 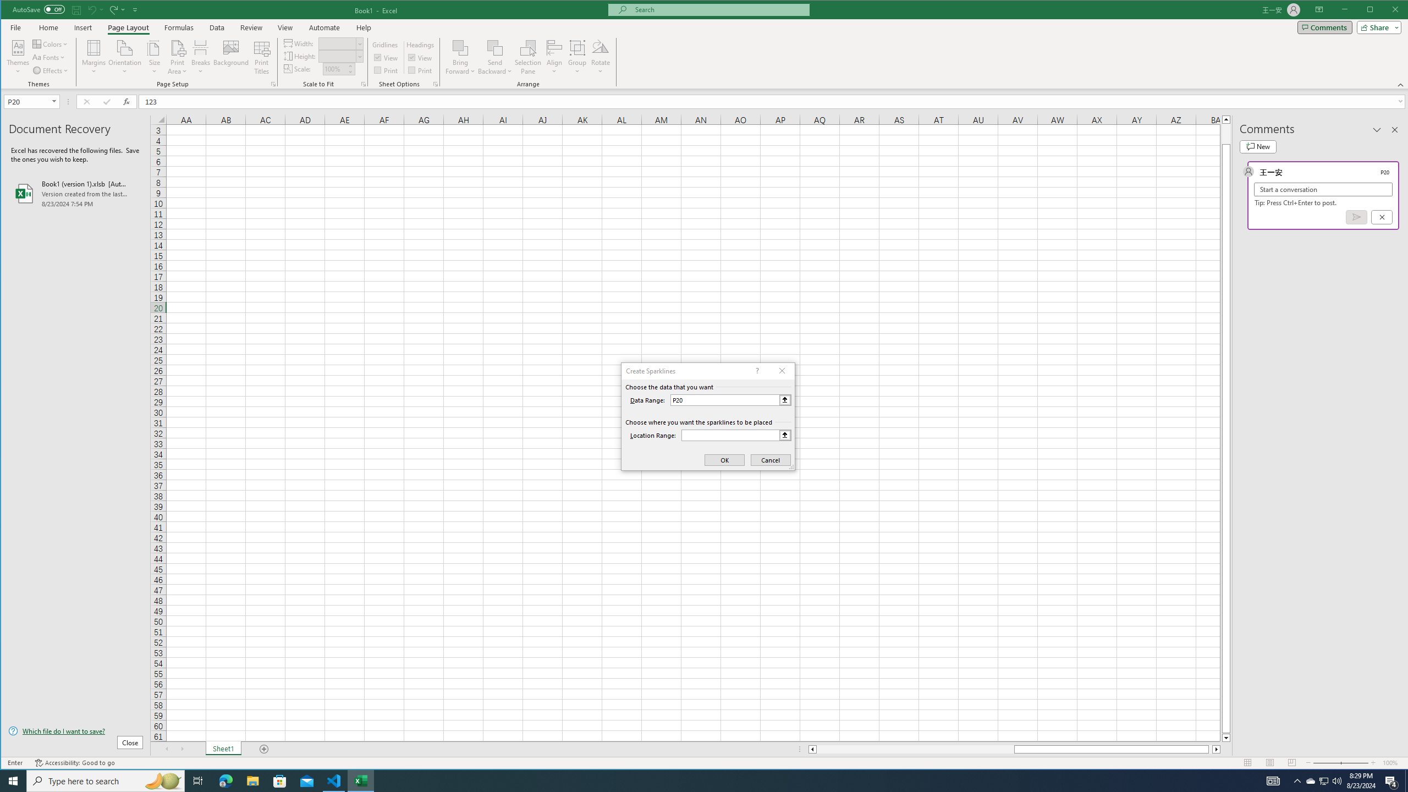 I want to click on 'Background...', so click(x=231, y=57).